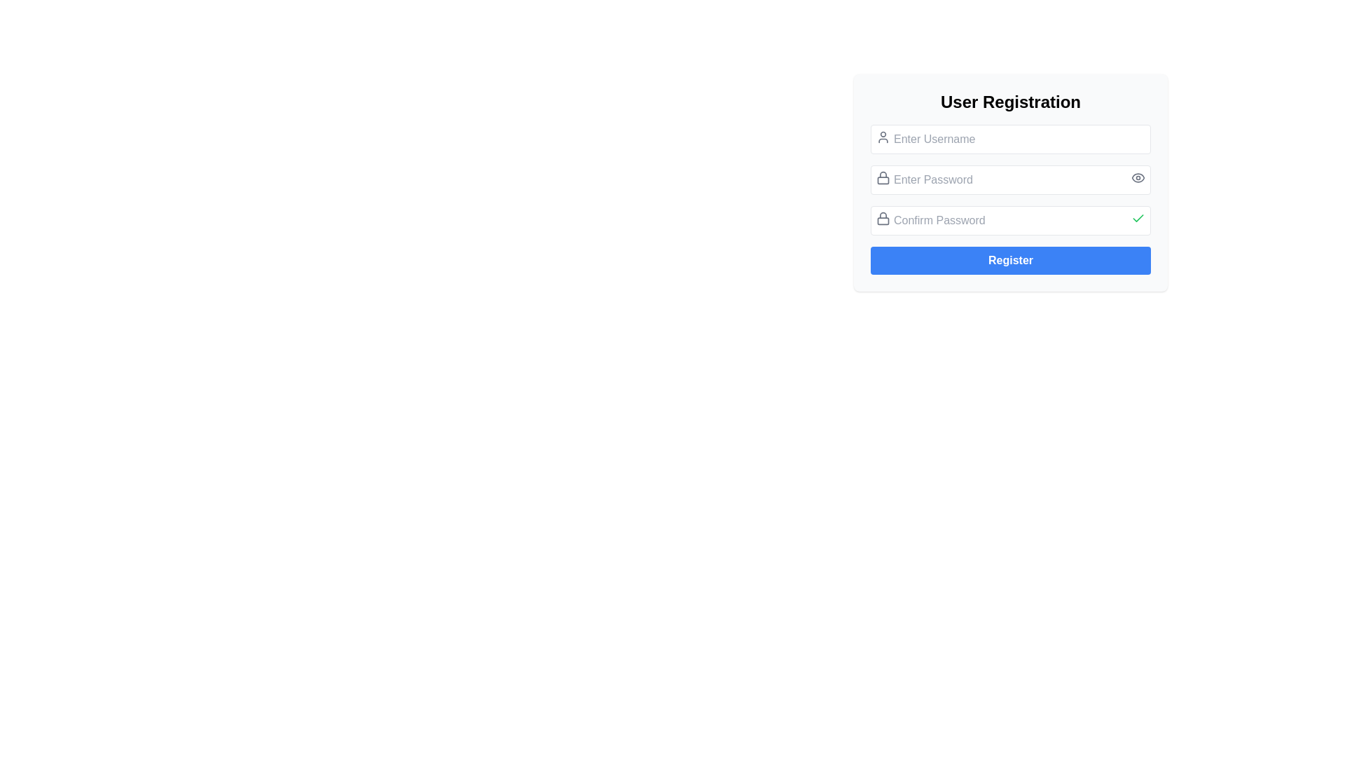 Image resolution: width=1345 pixels, height=757 pixels. I want to click on the visual feedback on the Checkmark Icon, which is an SVG icon with a green stroke color located at the top-right corner of the 'Confirm Password' input field in the User Registration form, so click(1138, 219).